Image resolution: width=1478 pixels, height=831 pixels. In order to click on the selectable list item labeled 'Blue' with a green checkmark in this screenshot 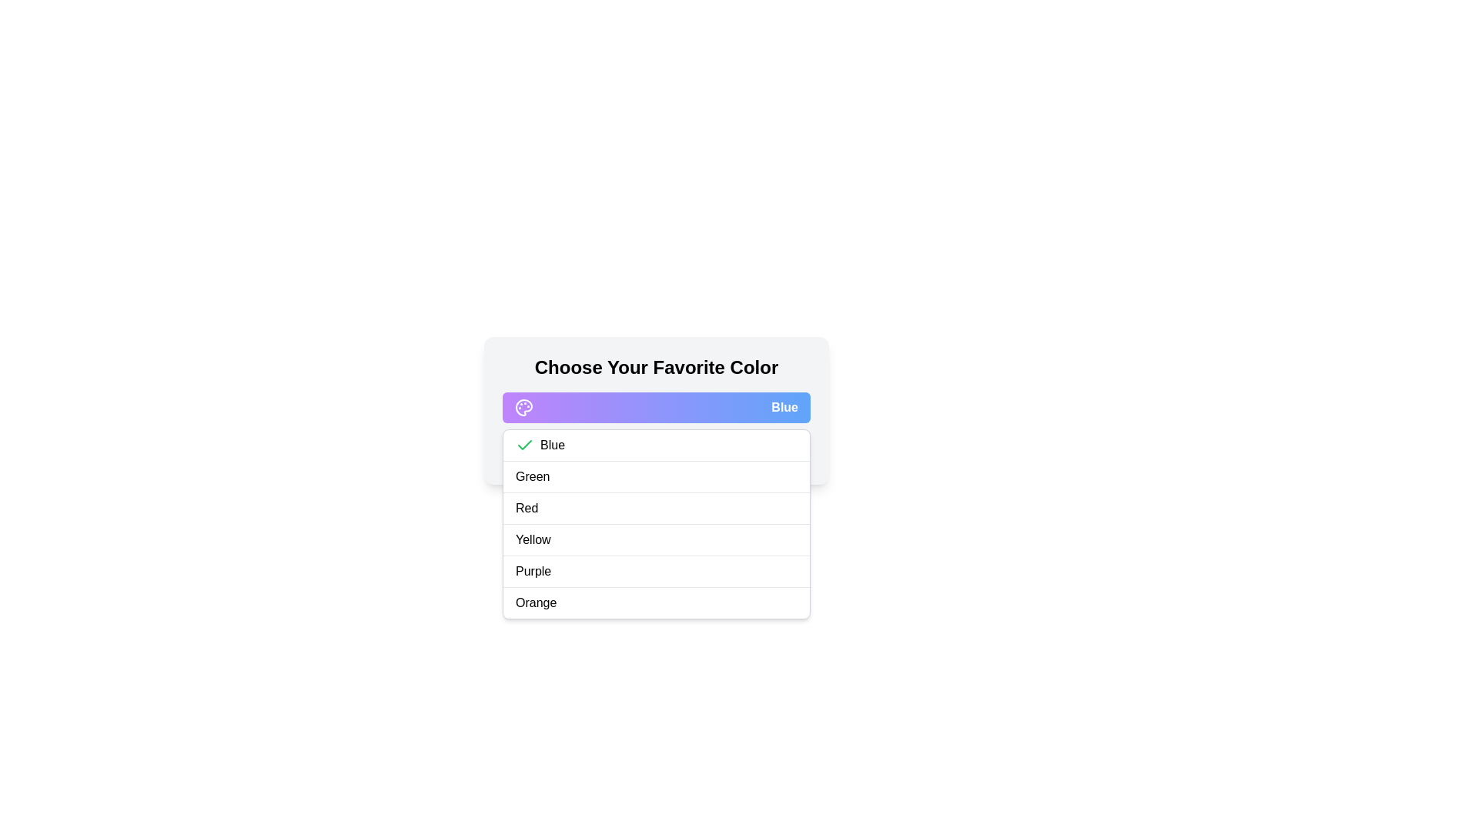, I will do `click(657, 445)`.